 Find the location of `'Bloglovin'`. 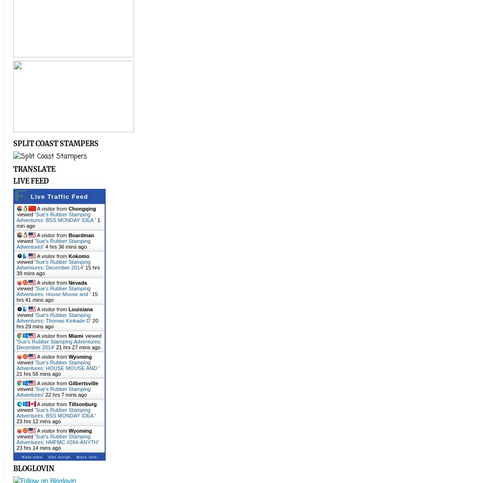

'Bloglovin' is located at coordinates (33, 468).